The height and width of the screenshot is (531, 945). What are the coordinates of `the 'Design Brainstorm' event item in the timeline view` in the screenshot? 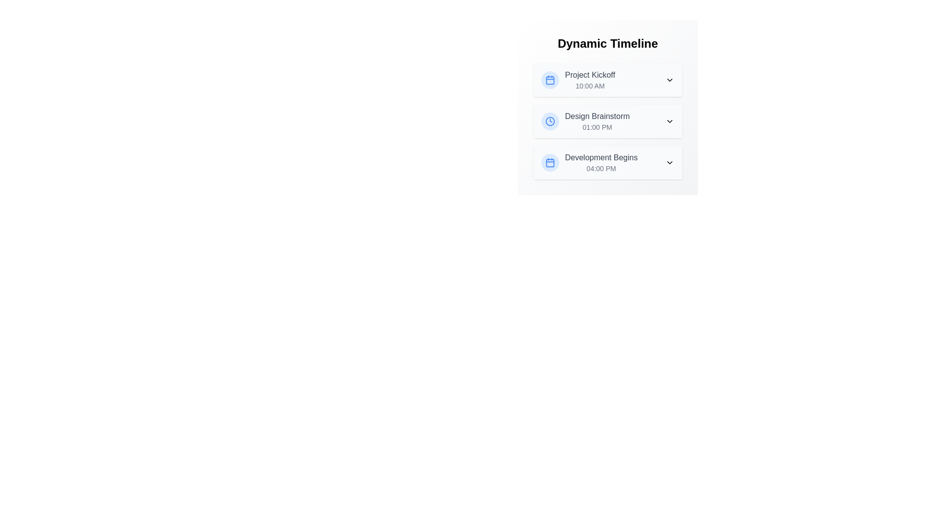 It's located at (585, 120).